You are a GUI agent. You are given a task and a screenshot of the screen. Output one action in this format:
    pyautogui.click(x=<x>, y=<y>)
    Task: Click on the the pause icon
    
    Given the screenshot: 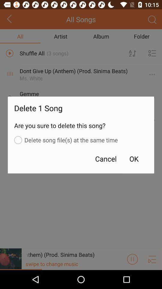 What is the action you would take?
    pyautogui.click(x=132, y=277)
    